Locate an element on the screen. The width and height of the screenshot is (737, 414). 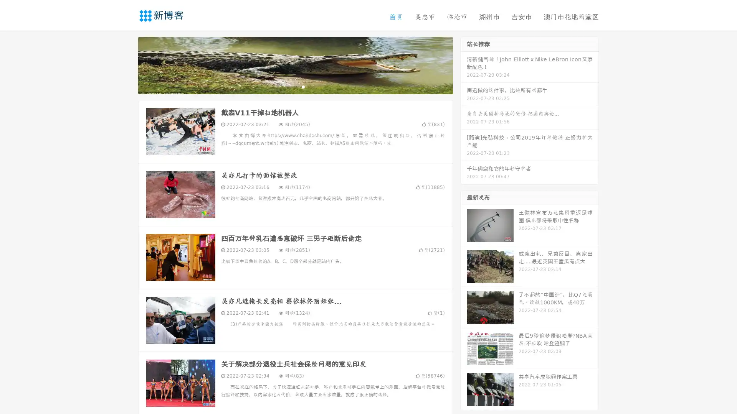
Next slide is located at coordinates (464, 64).